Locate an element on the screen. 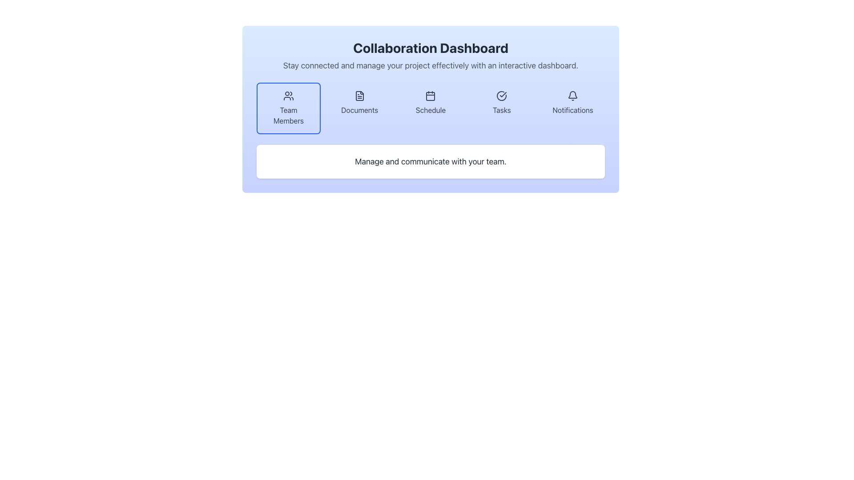  the small rectangular calendar icon button located is located at coordinates (431, 96).